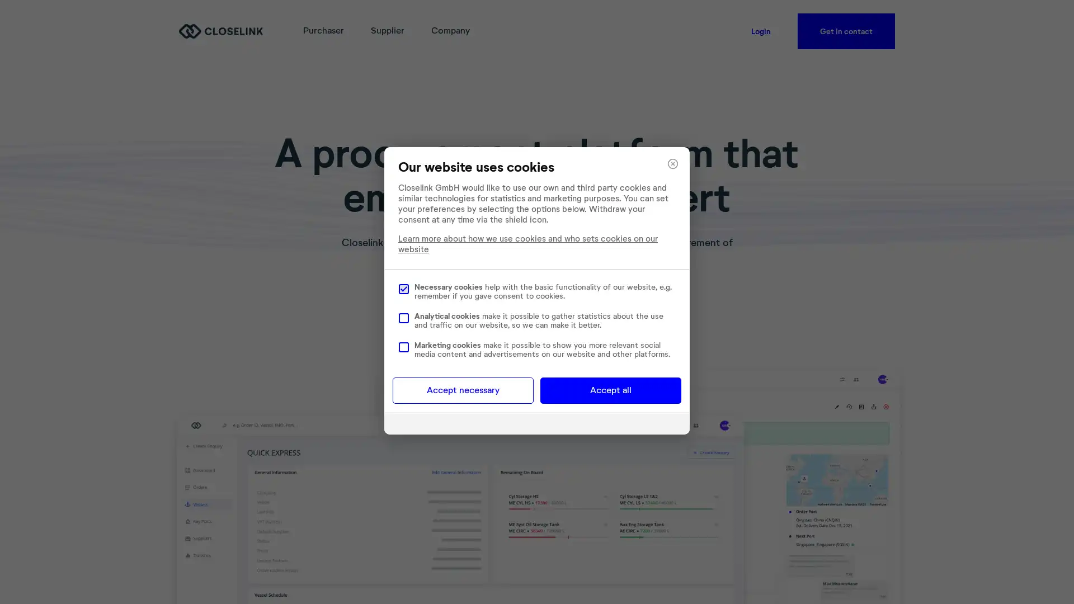 The height and width of the screenshot is (604, 1074). I want to click on Accept all, so click(610, 390).